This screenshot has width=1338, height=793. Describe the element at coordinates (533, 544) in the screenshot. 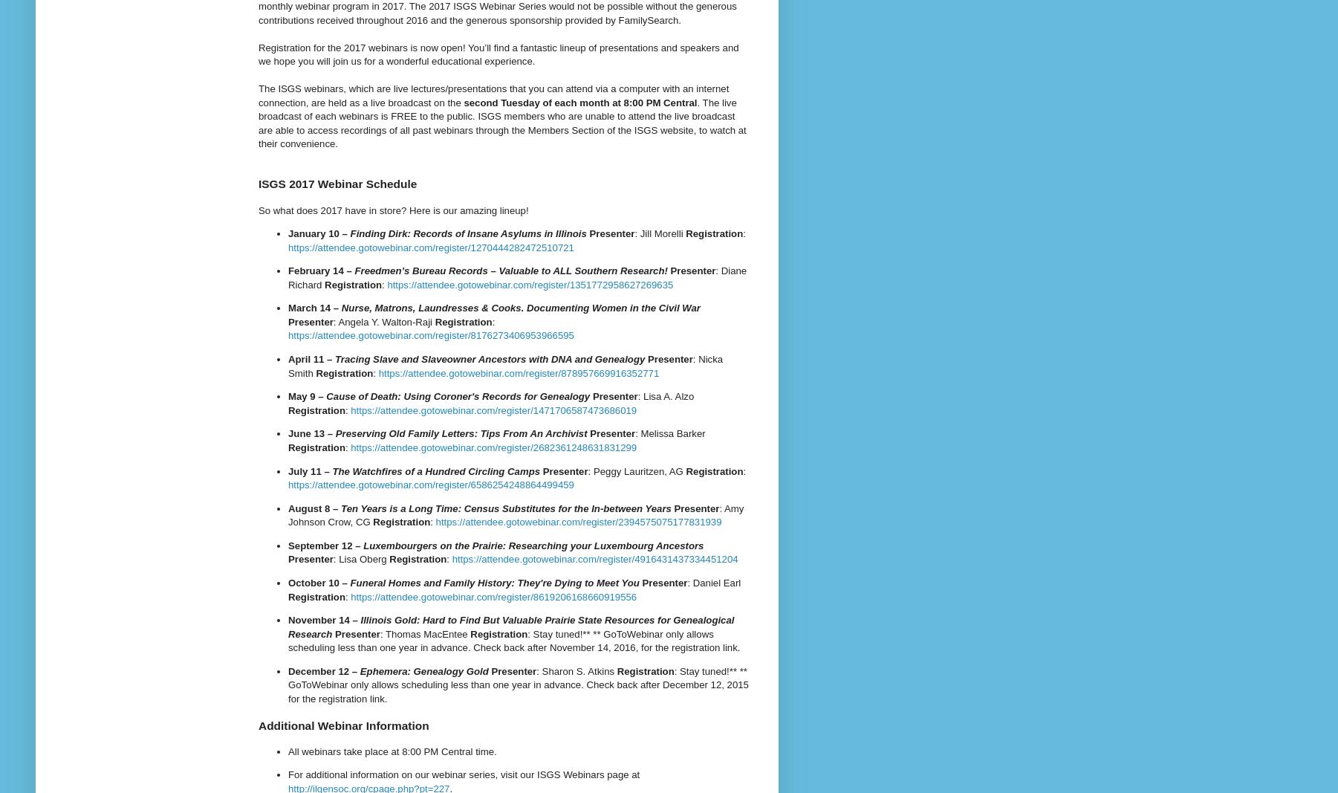

I see `'Luxembourgers on the Prairie: Researching your Luxembourg Ancestors'` at that location.